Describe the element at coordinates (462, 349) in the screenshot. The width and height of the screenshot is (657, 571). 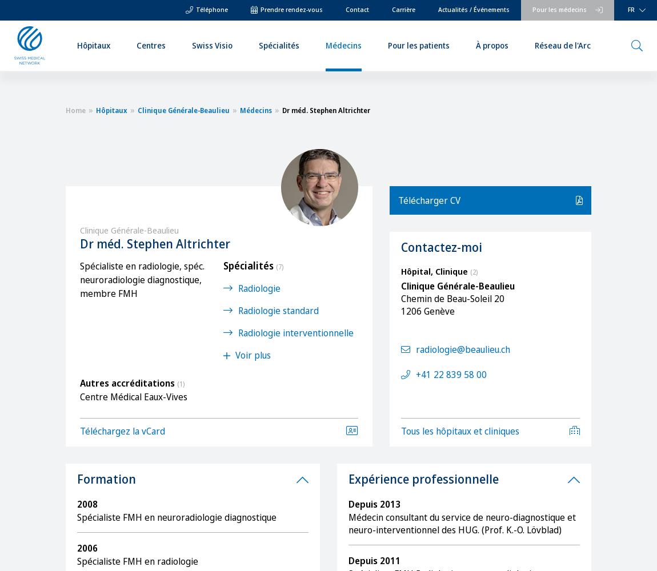
I see `'radiologie@beaulieu.ch'` at that location.